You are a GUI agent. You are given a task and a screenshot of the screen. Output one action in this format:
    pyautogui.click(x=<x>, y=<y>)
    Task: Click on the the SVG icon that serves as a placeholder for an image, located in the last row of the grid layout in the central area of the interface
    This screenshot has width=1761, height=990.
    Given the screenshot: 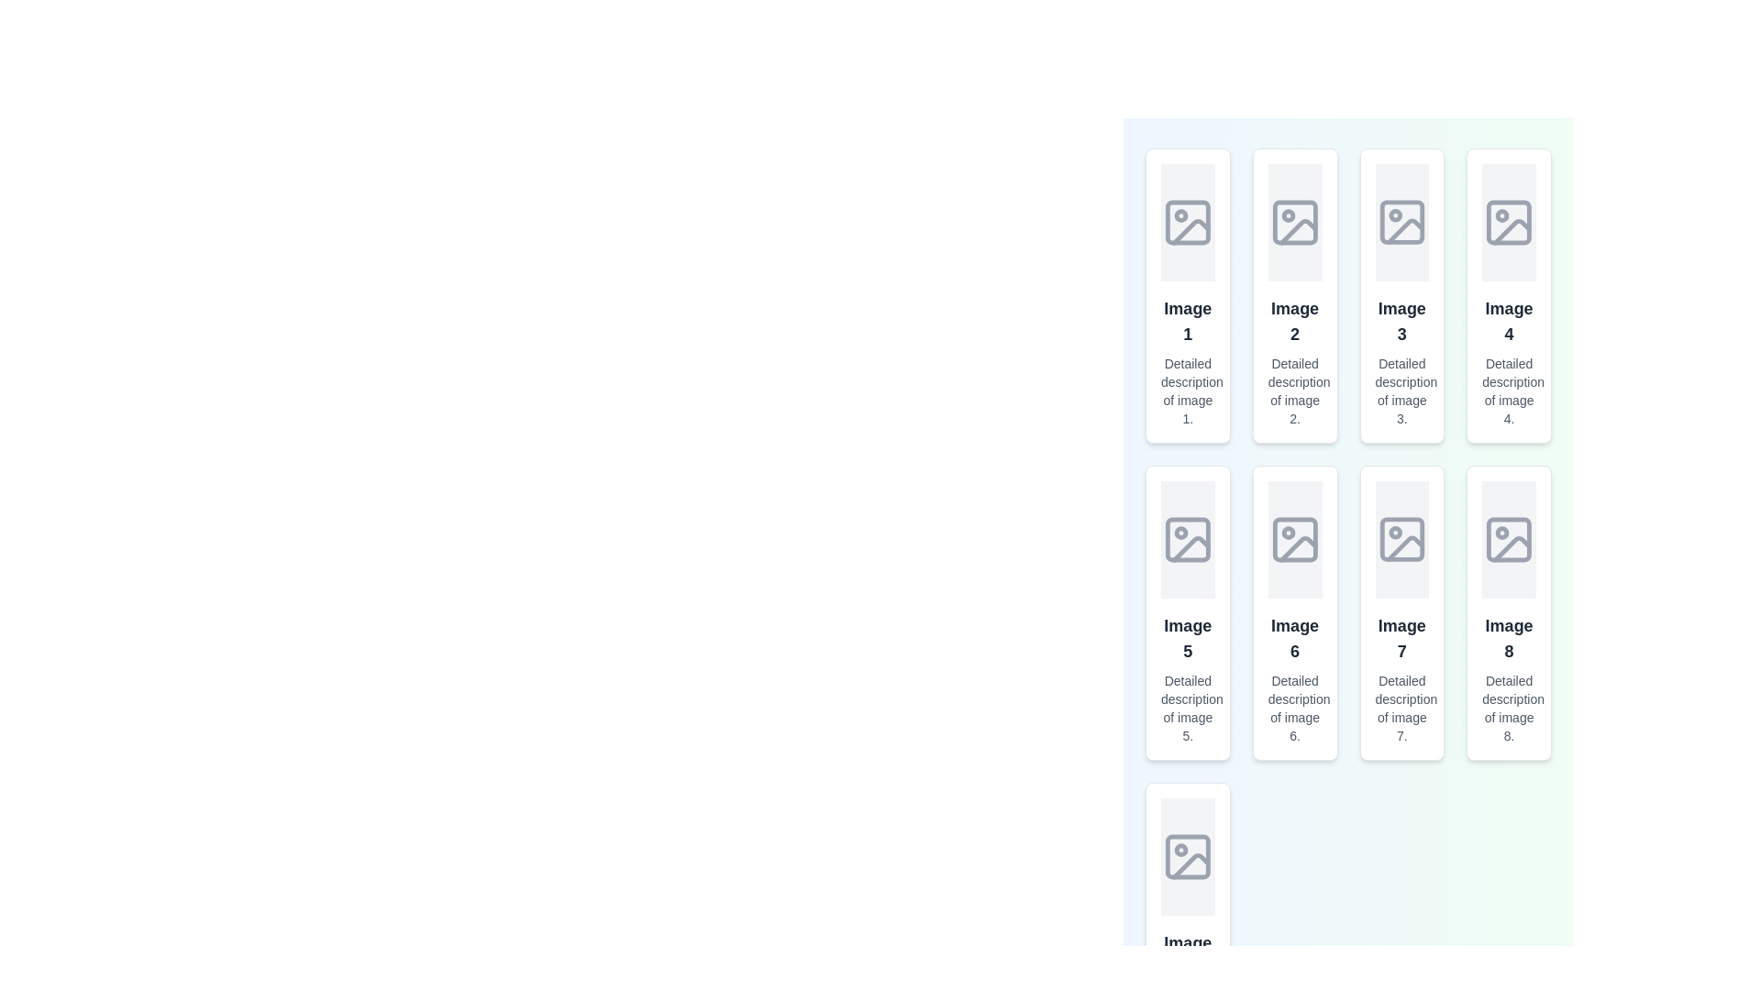 What is the action you would take?
    pyautogui.click(x=1188, y=856)
    